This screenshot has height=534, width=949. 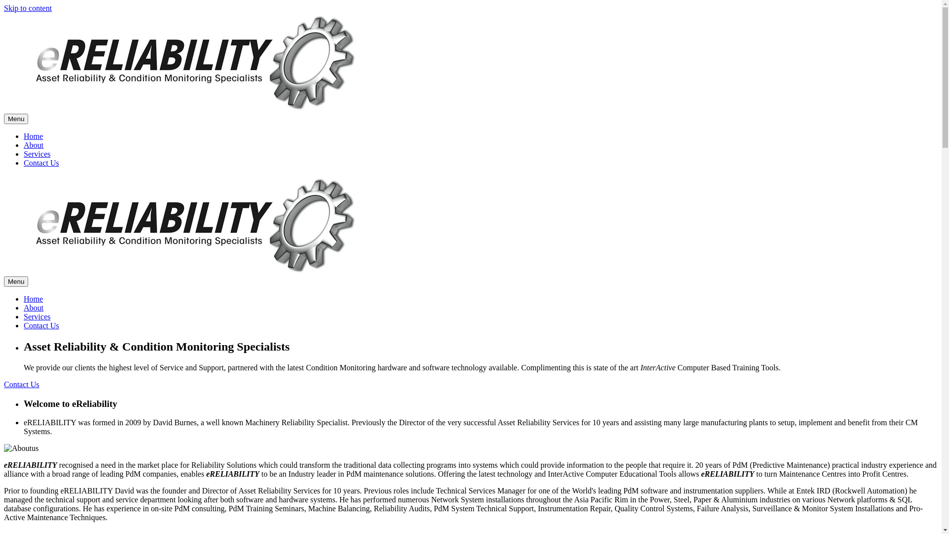 I want to click on 'Contact Us', so click(x=41, y=162).